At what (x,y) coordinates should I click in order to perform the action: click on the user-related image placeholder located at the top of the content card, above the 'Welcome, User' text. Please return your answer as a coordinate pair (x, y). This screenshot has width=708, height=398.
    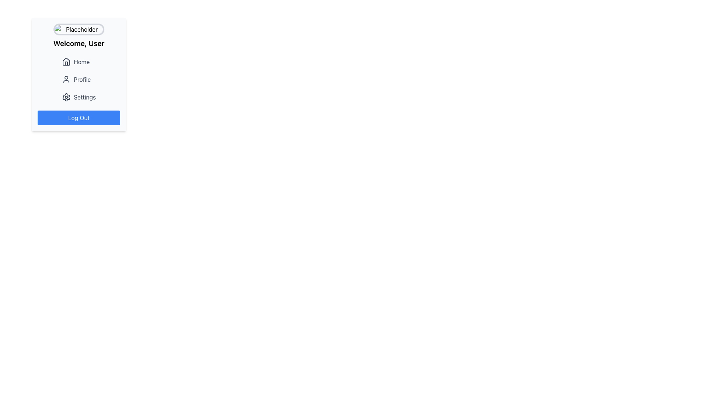
    Looking at the image, I should click on (79, 29).